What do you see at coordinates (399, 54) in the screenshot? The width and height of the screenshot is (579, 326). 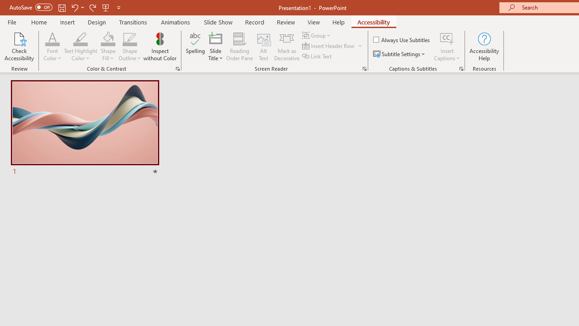 I see `'Subtitle Settings'` at bounding box center [399, 54].